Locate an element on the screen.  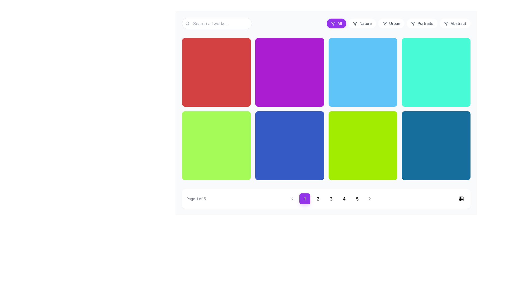
the interactive visual tile located in the second row, first column of the grid layout, which serves as a preview or selectable object is located at coordinates (216, 145).